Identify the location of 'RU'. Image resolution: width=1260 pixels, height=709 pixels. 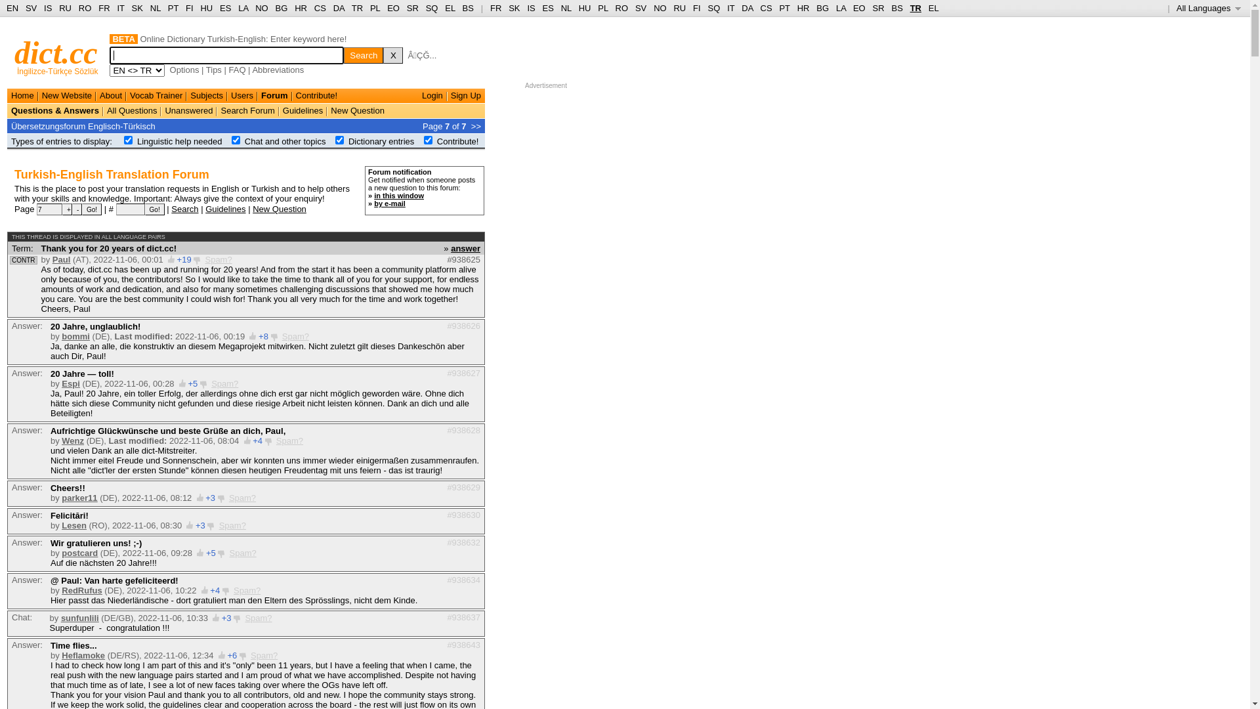
(679, 8).